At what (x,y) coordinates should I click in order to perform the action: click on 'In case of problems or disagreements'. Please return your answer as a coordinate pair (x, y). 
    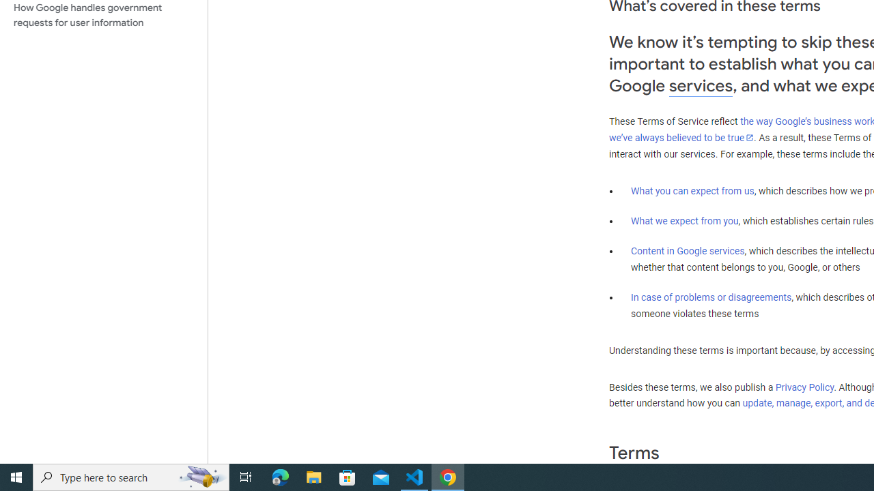
    Looking at the image, I should click on (710, 296).